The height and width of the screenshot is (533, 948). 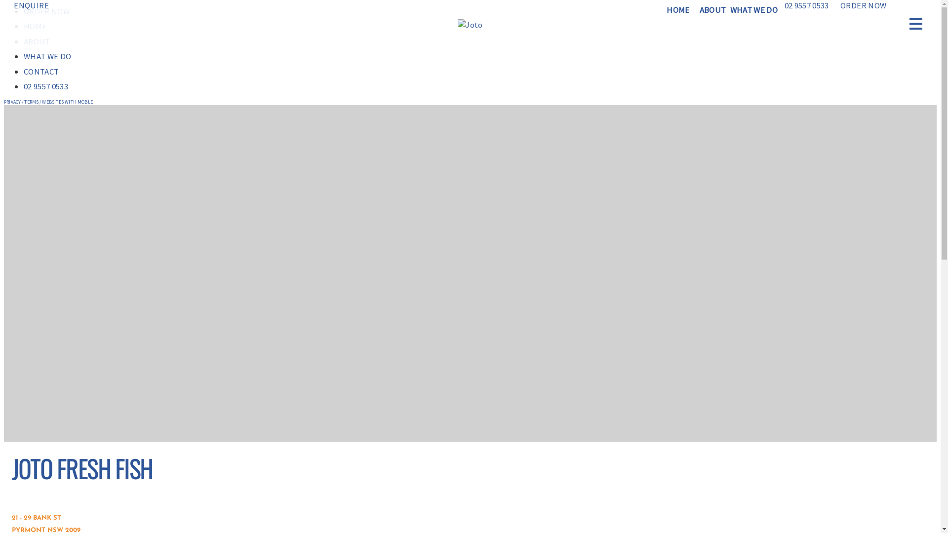 What do you see at coordinates (713, 9) in the screenshot?
I see `'ABOUT'` at bounding box center [713, 9].